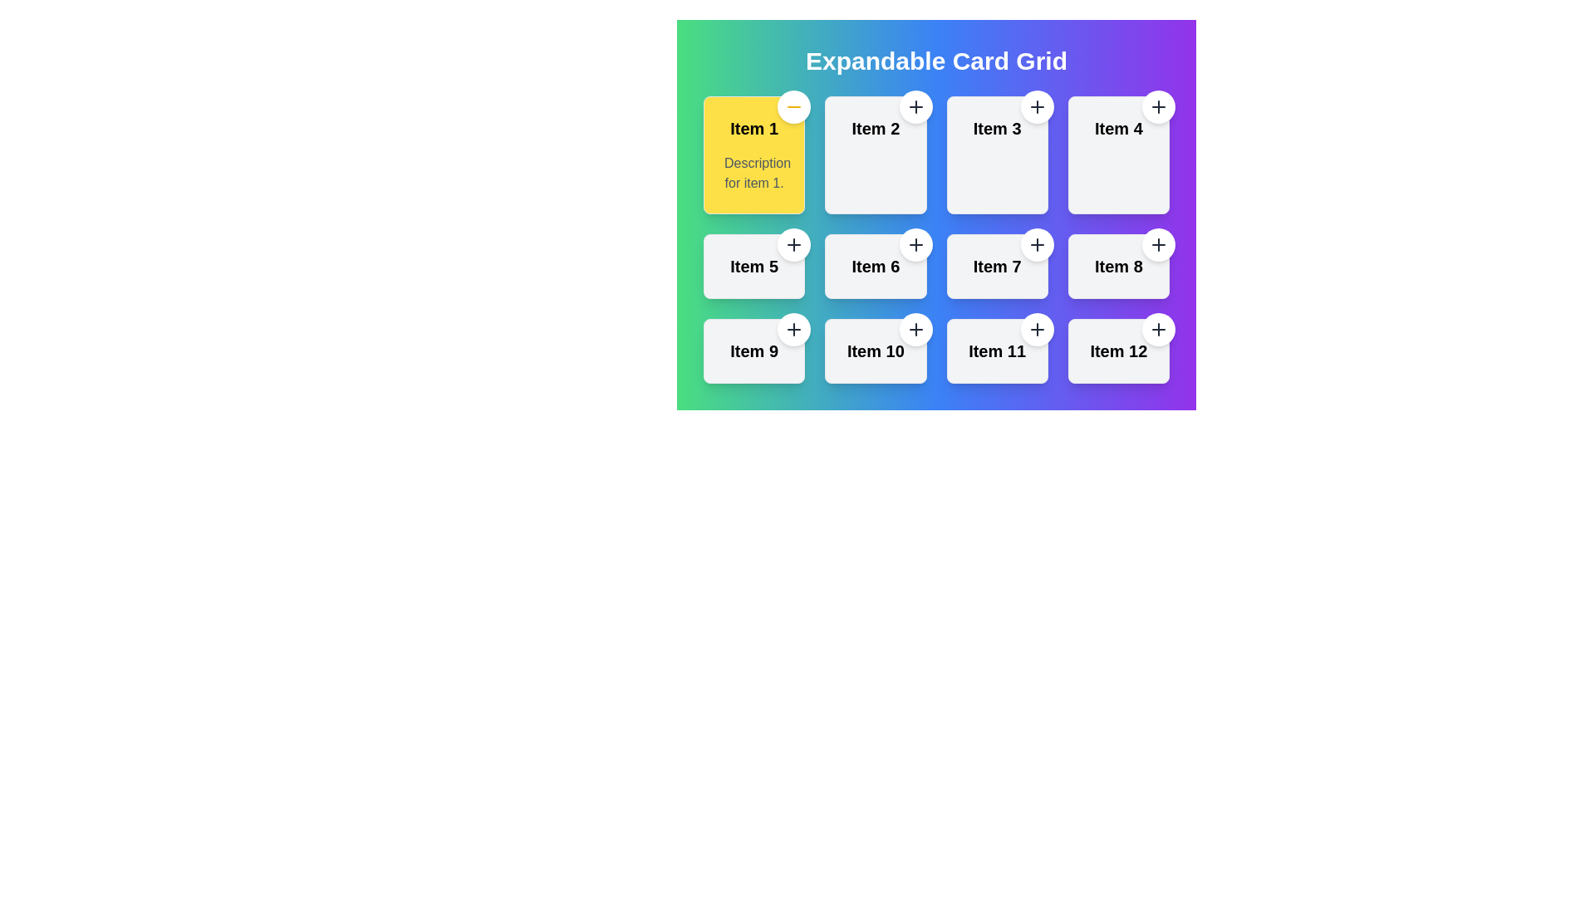 This screenshot has height=897, width=1595. What do you see at coordinates (753, 127) in the screenshot?
I see `the text label element that reads 'Item 1', which is displayed in a bold font on a yellow background card with rounded corners` at bounding box center [753, 127].